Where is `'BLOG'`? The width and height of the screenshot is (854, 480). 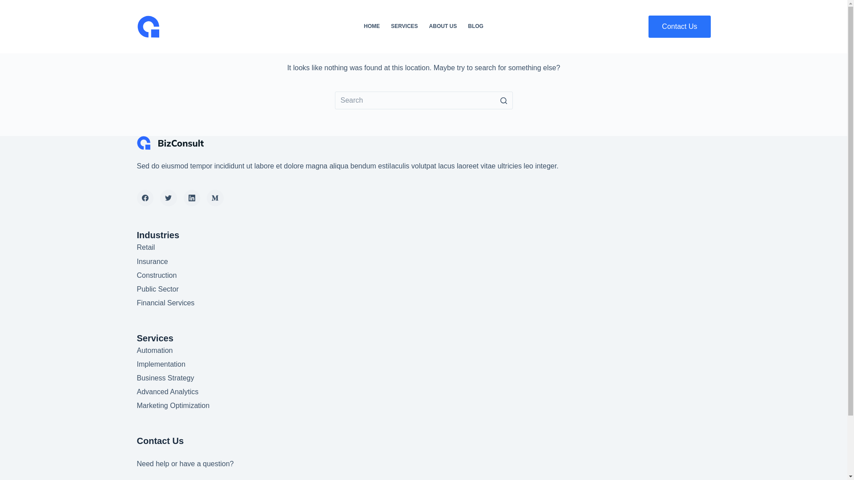
'BLOG' is located at coordinates (475, 26).